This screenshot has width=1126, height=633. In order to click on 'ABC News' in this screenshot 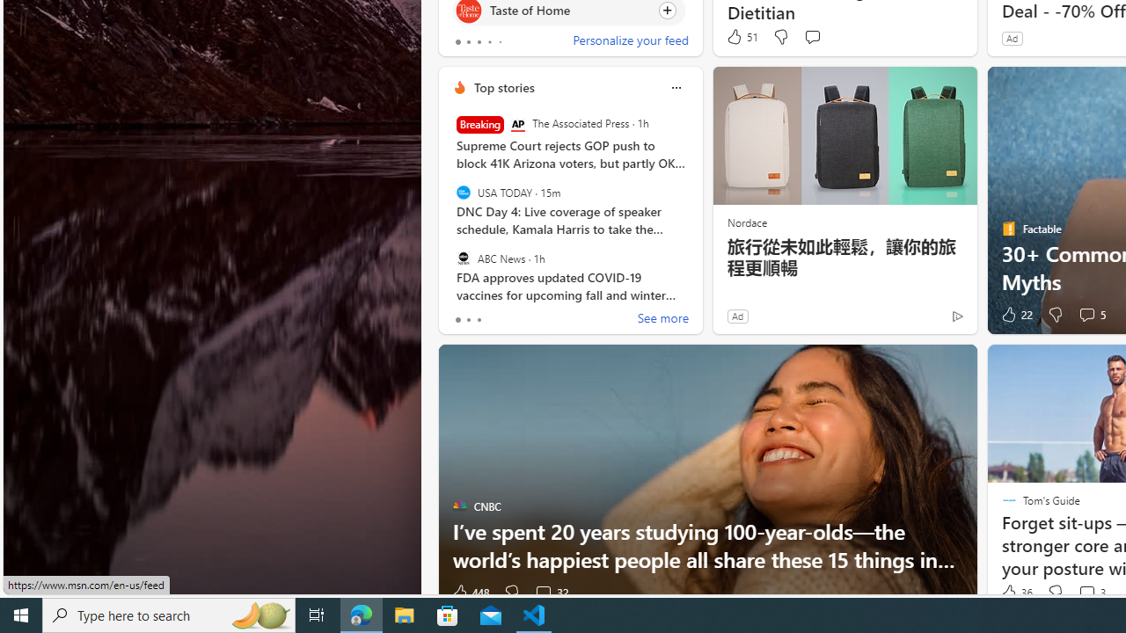, I will do `click(463, 258)`.